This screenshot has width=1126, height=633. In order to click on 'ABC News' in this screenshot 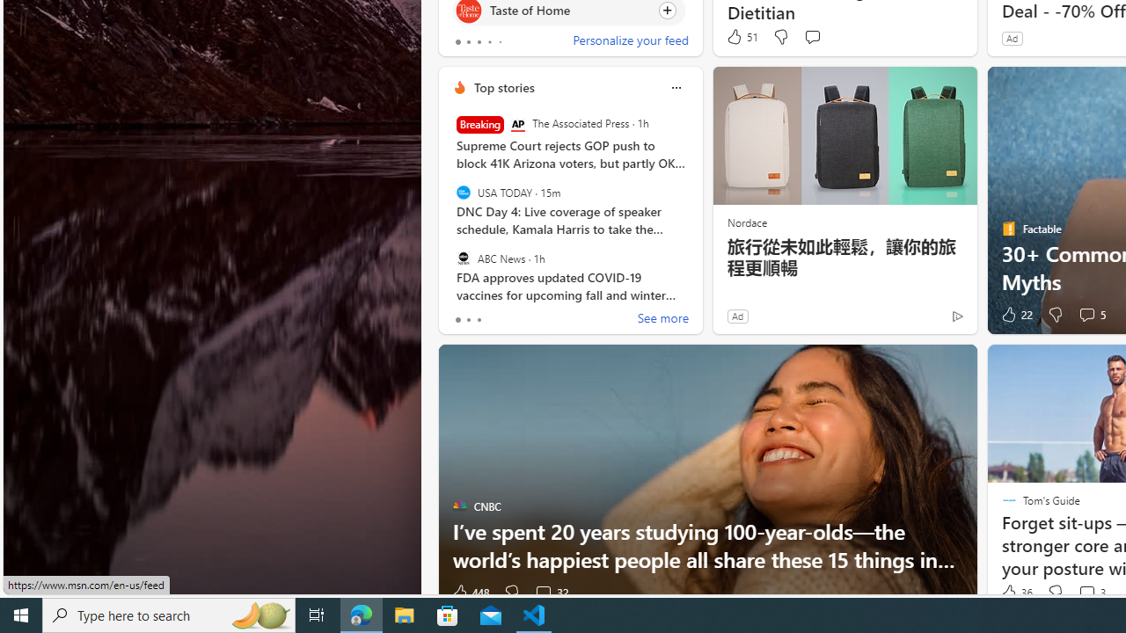, I will do `click(463, 258)`.